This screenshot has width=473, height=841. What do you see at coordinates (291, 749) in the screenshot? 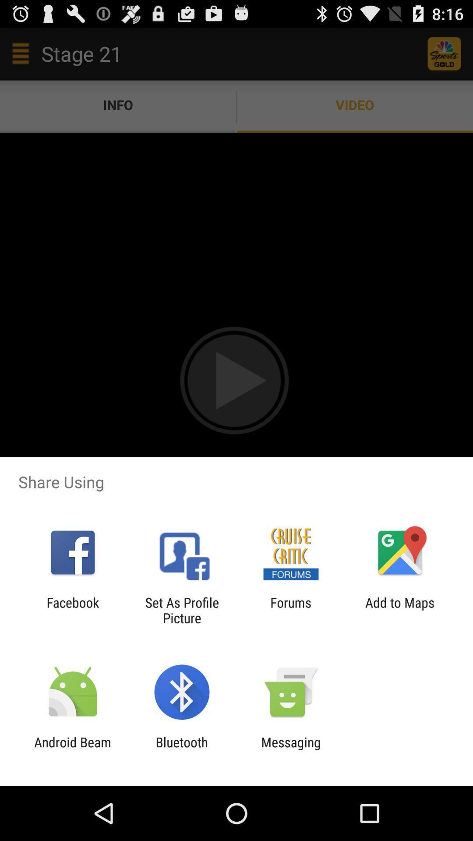
I see `messaging icon` at bounding box center [291, 749].